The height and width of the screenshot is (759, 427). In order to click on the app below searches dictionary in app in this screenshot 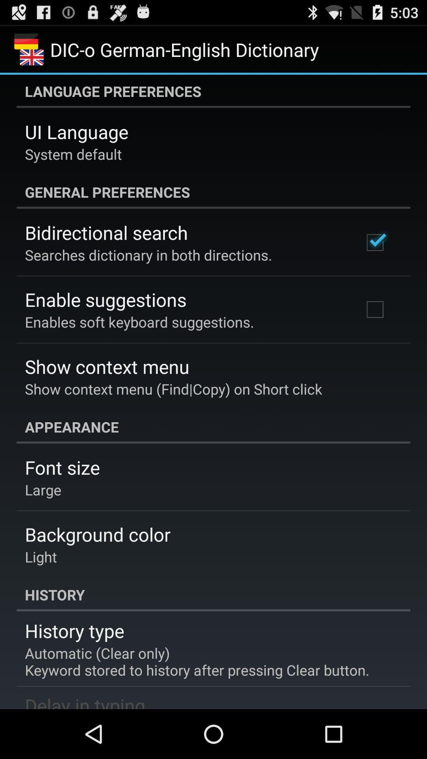, I will do `click(105, 299)`.